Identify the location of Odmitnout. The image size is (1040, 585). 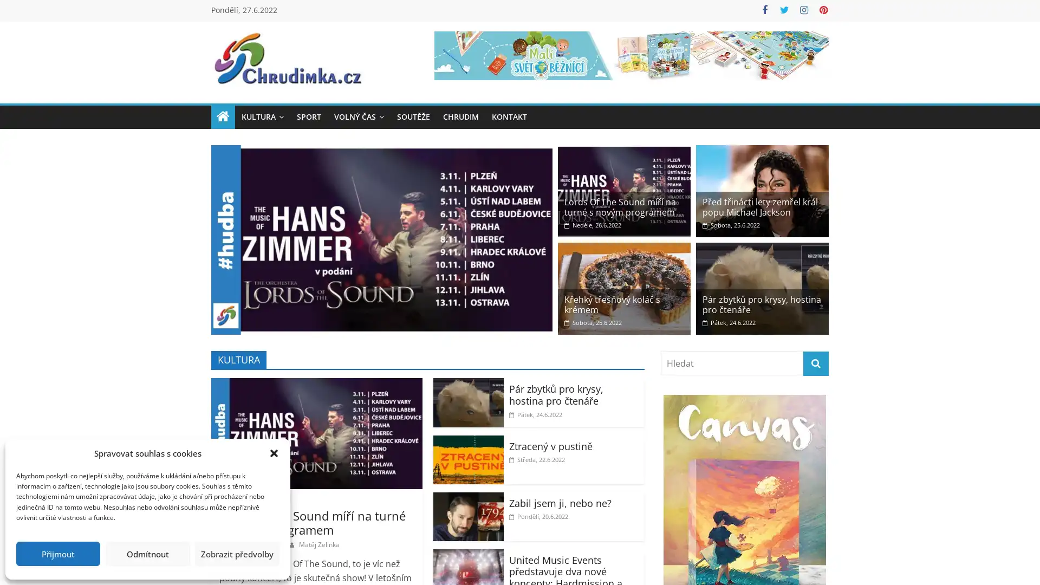
(147, 554).